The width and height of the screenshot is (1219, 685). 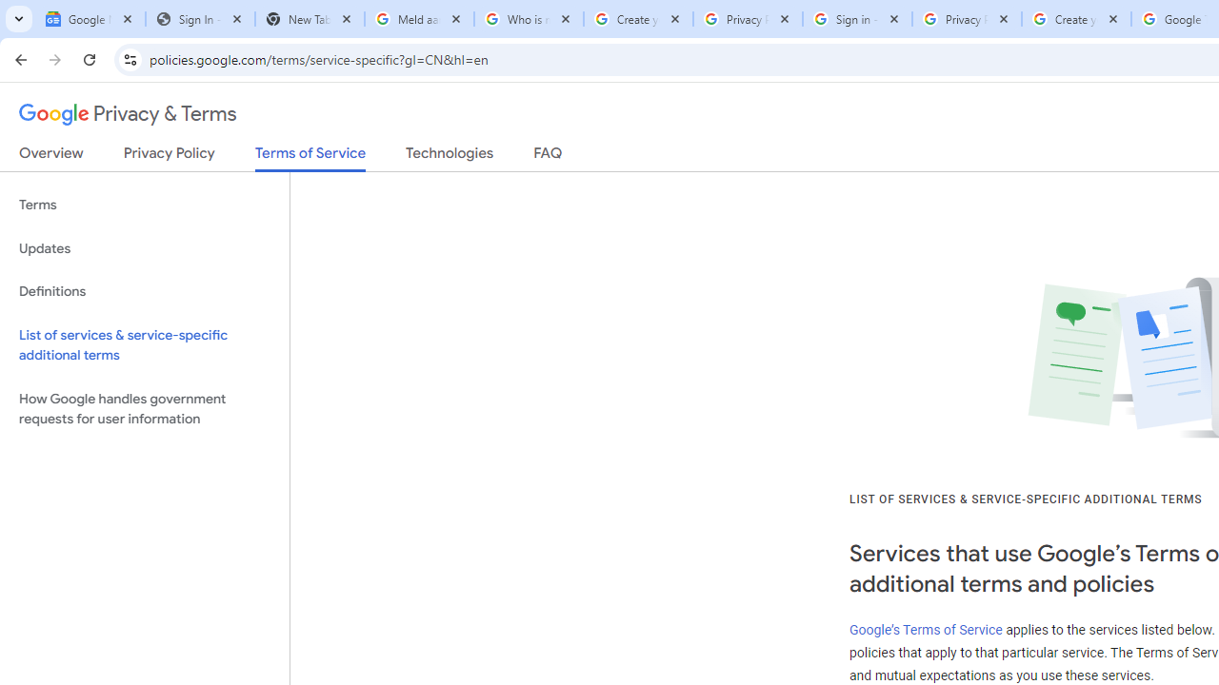 What do you see at coordinates (144, 291) in the screenshot?
I see `'Definitions'` at bounding box center [144, 291].